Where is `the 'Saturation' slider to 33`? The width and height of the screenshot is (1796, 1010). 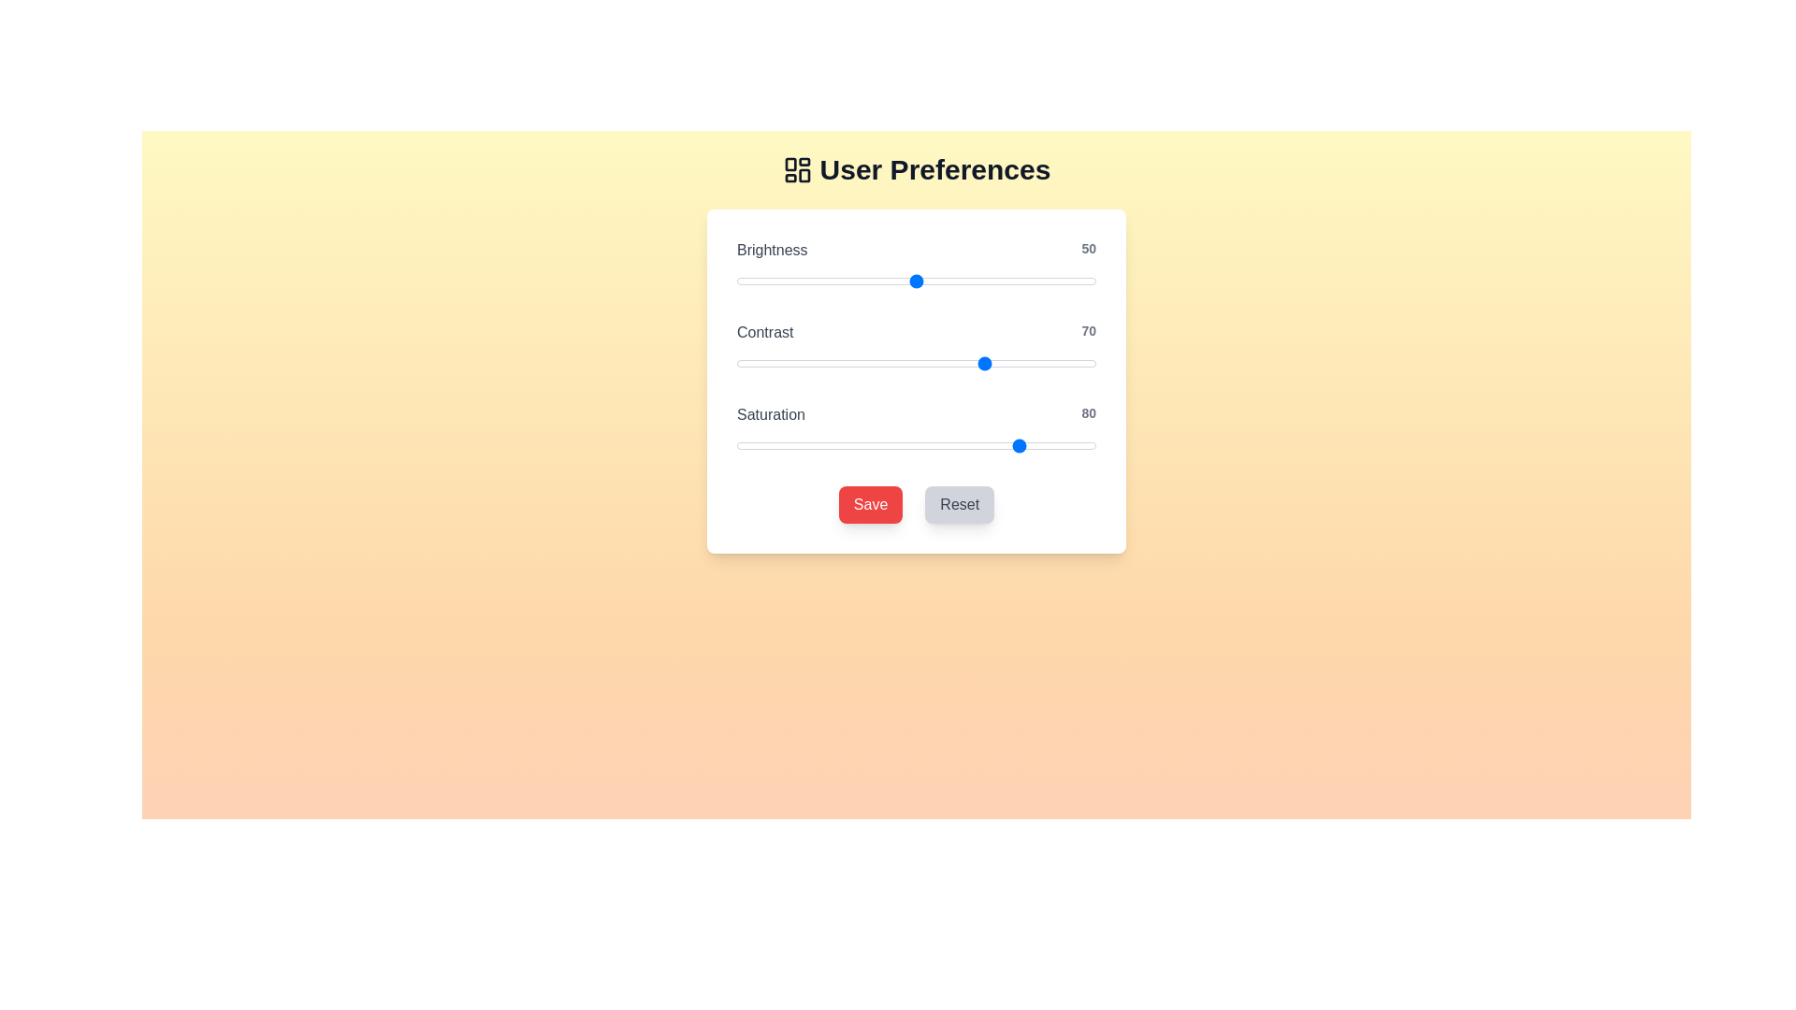 the 'Saturation' slider to 33 is located at coordinates (854, 446).